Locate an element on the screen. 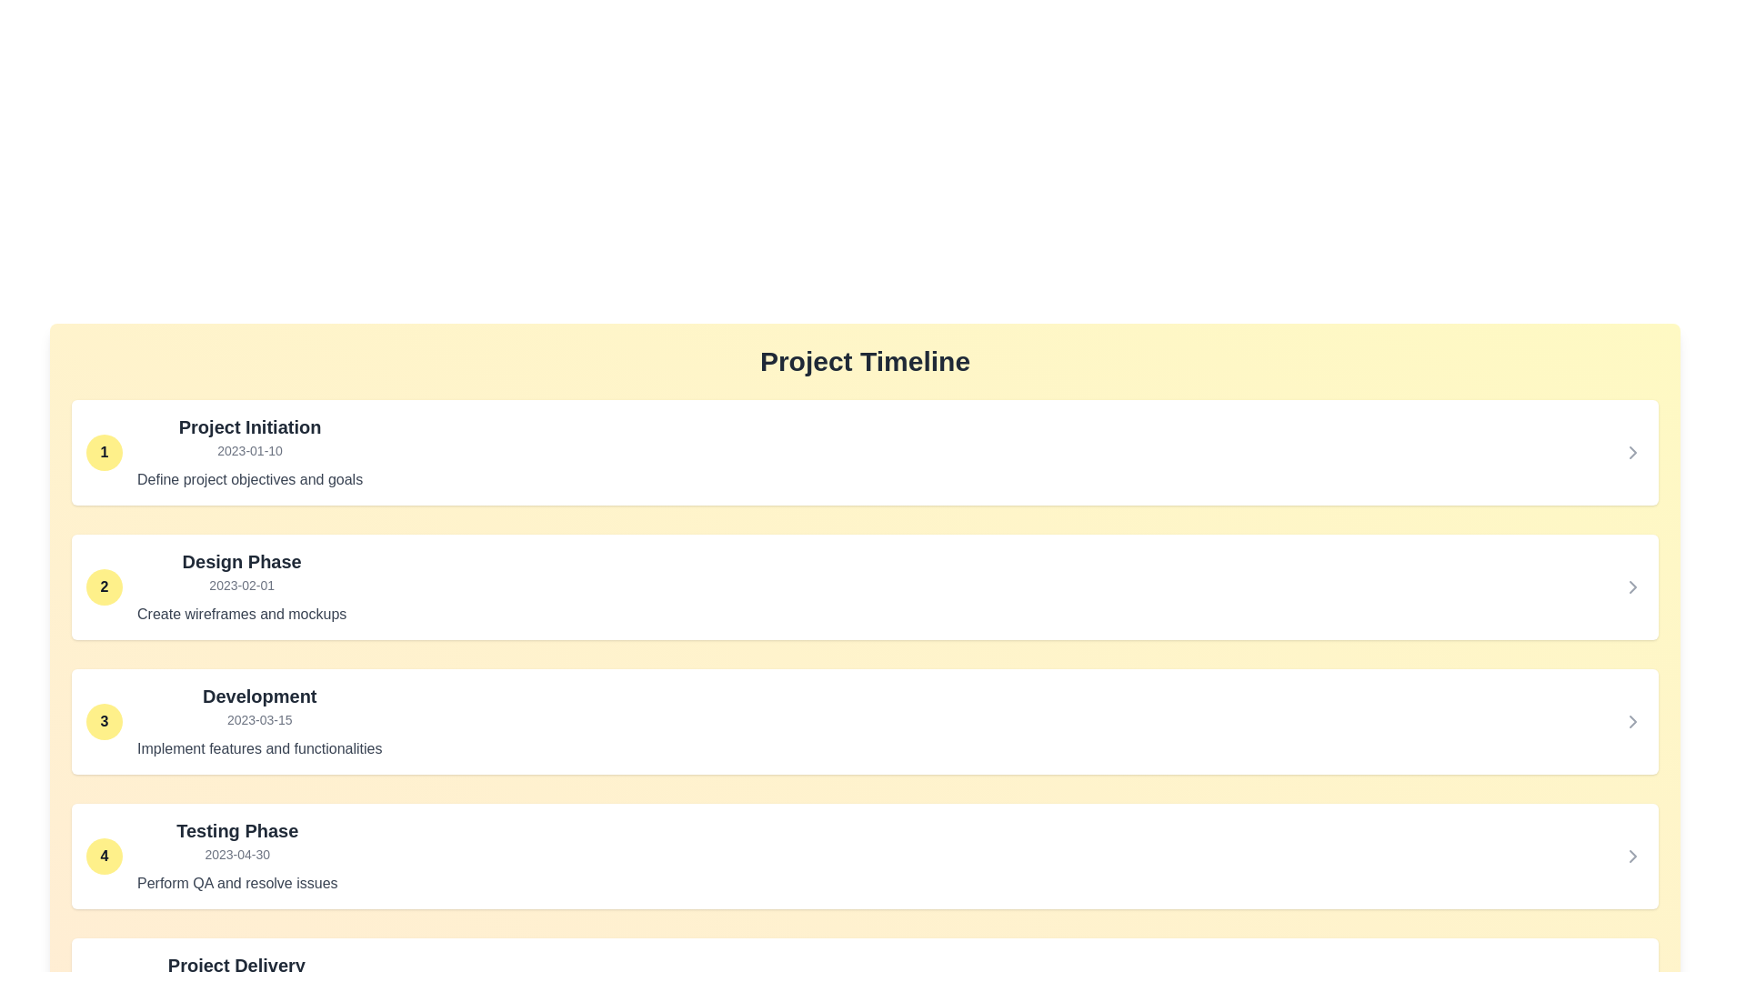  title 'Project Initiation' which is a bold, large-font text displayed prominently at the top of the project timeline section is located at coordinates (249, 427).